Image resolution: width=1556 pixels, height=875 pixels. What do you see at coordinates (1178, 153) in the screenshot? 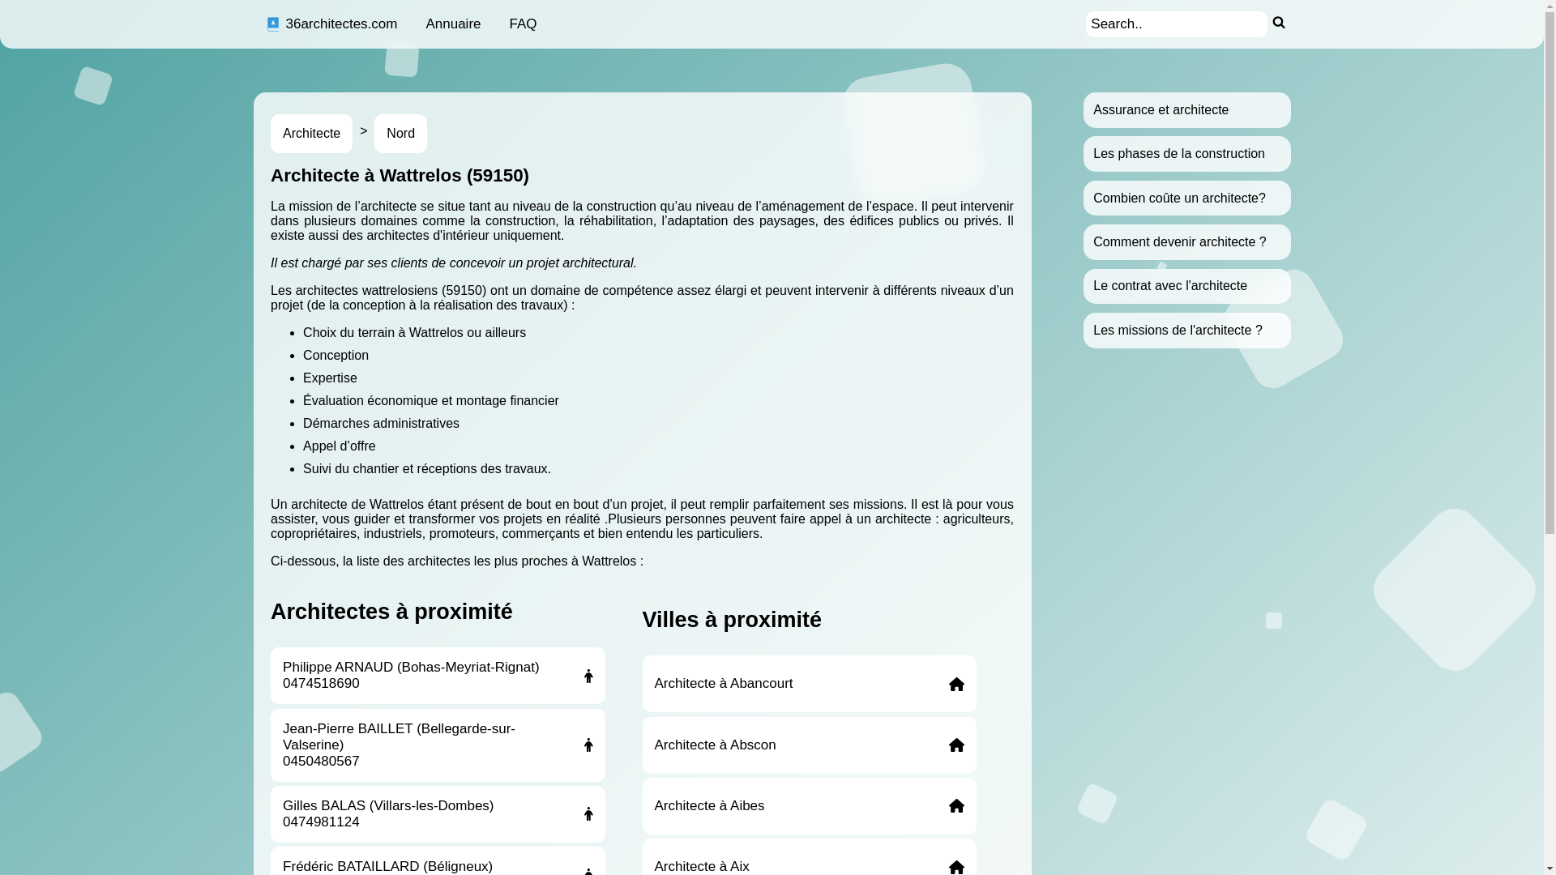
I see `'Les phases de la construction'` at bounding box center [1178, 153].